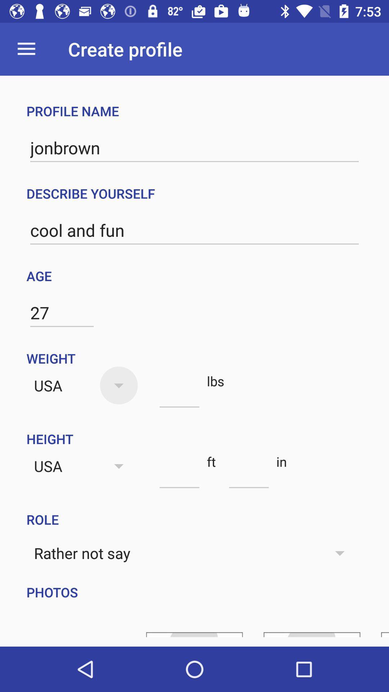  I want to click on number, so click(179, 394).